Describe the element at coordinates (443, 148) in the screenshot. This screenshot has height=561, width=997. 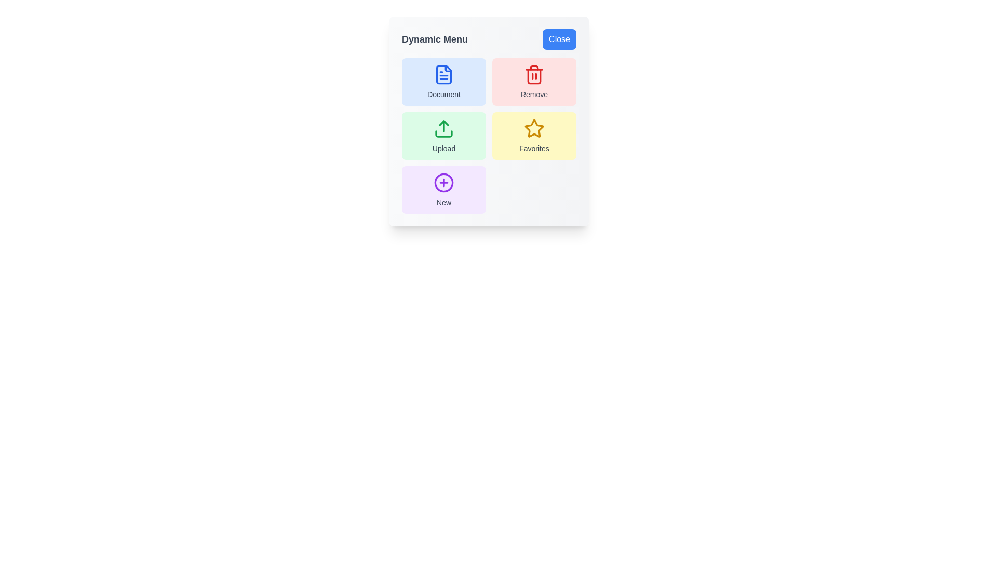
I see `text from the descriptive label located within the green button in the second row, first column of the grid layout, positioned below the upward arrow icon` at that location.